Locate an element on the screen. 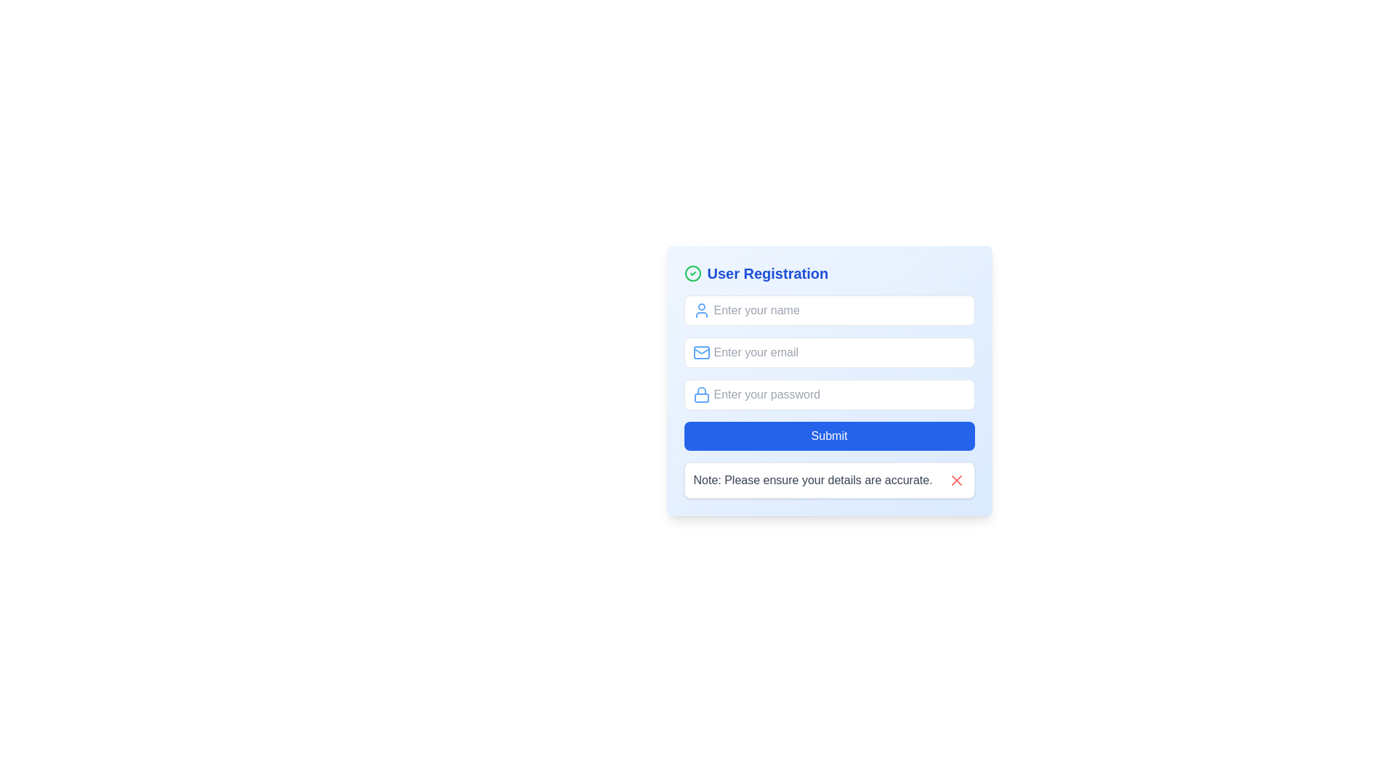  the email input field located in the 'User Registration' form, positioned between the 'Enter your name' and 'Enter your password' fields is located at coordinates (829, 353).